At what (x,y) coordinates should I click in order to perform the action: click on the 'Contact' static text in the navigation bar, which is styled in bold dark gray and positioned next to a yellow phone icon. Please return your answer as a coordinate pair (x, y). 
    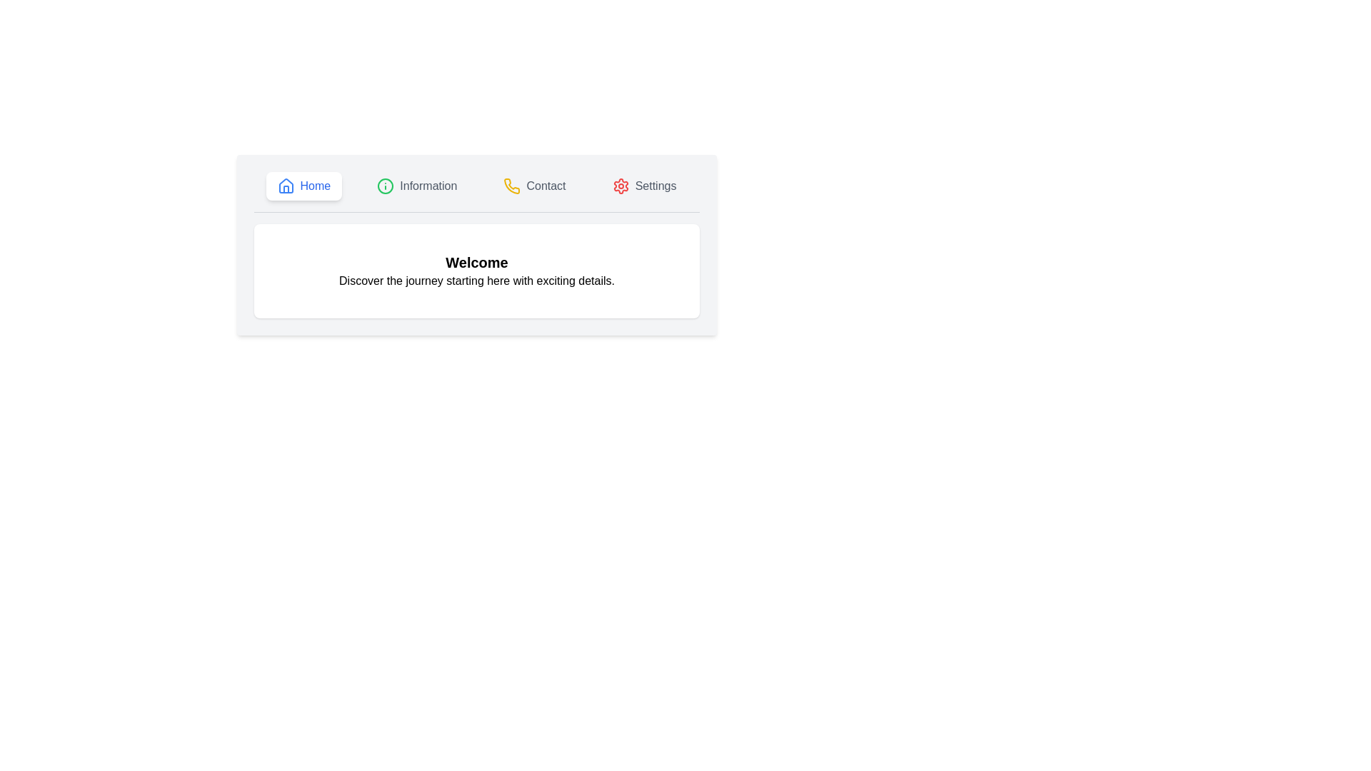
    Looking at the image, I should click on (545, 186).